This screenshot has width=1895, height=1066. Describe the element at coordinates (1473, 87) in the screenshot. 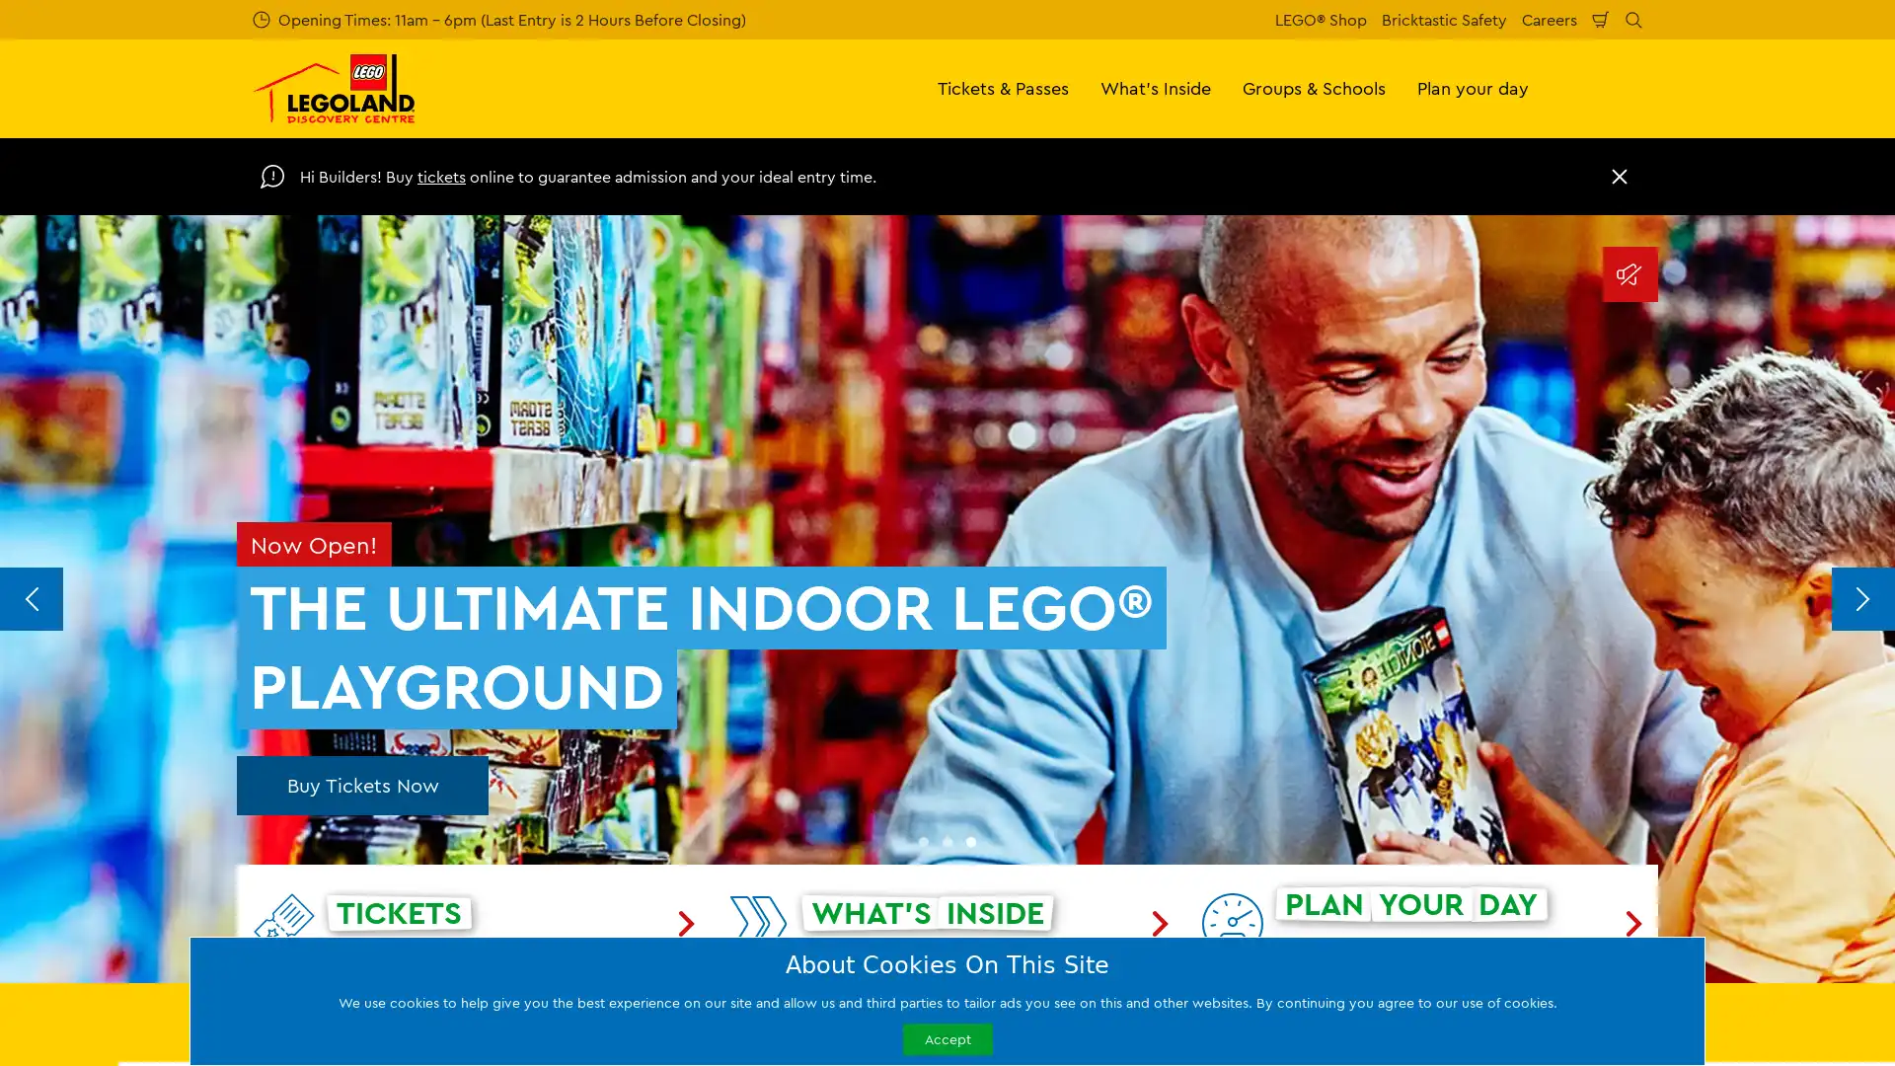

I see `Plan your day` at that location.